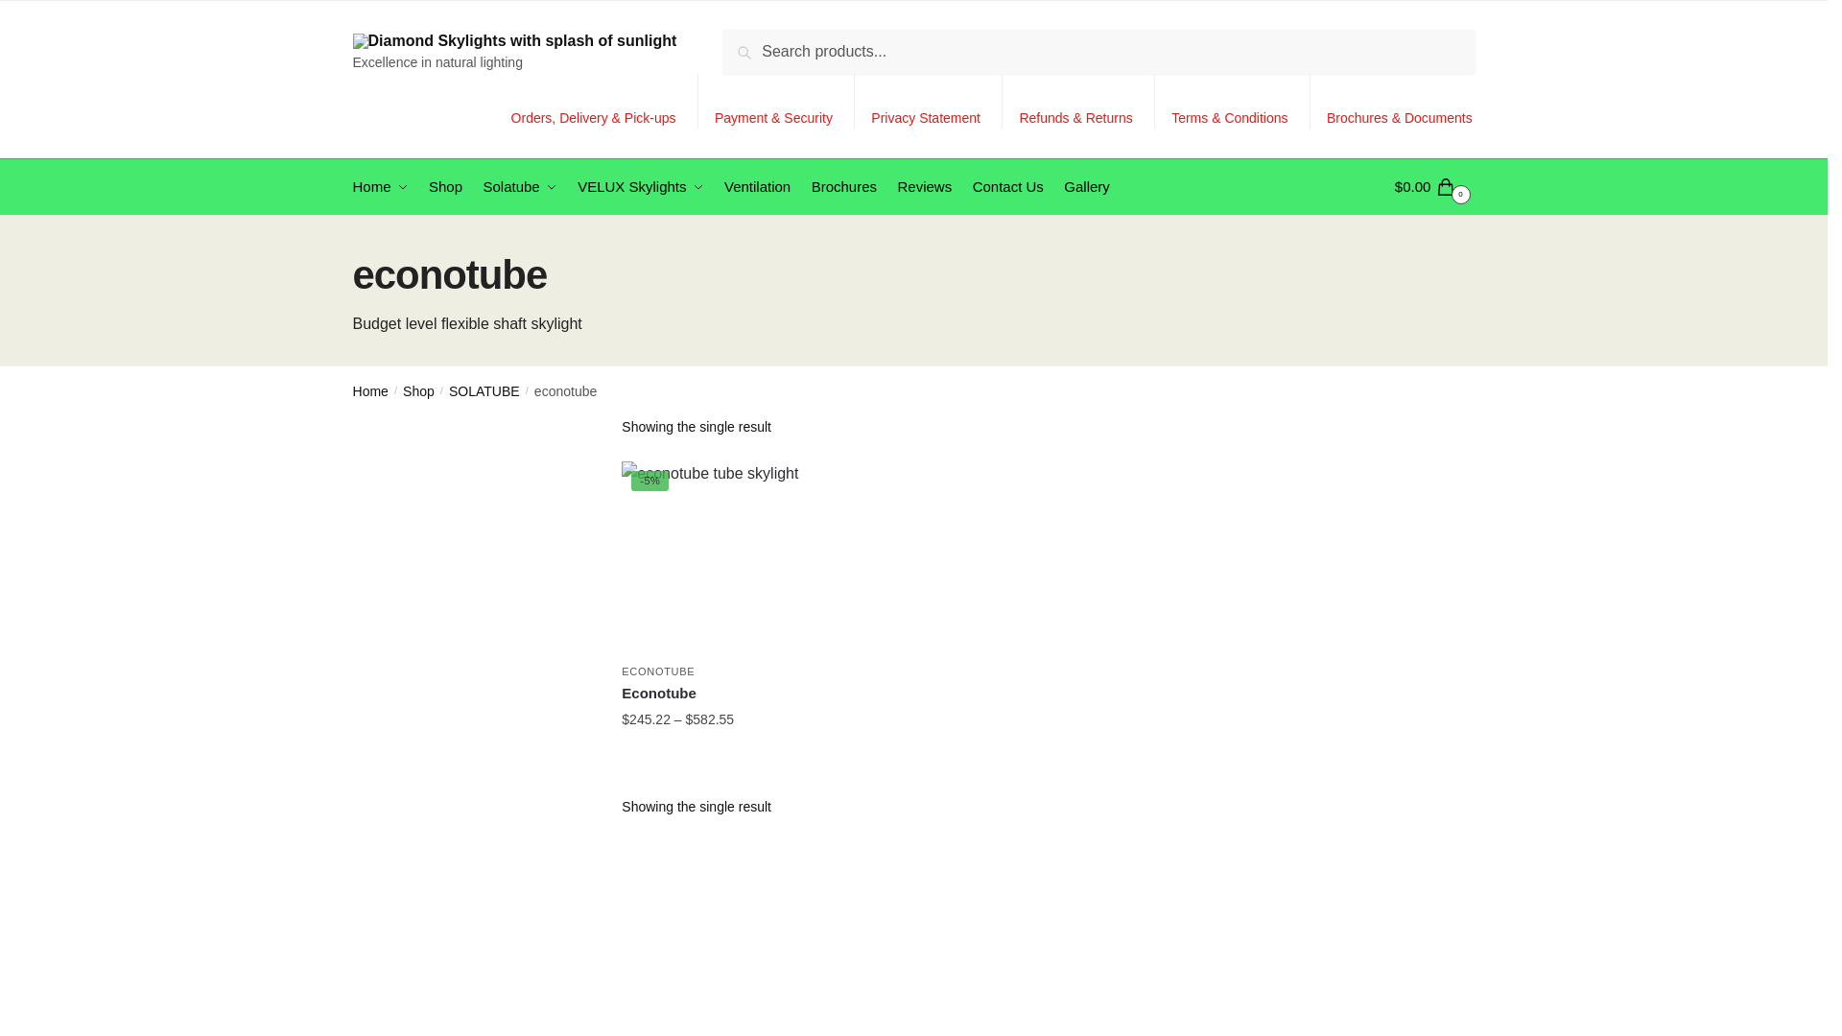 Image resolution: width=1842 pixels, height=1036 pixels. Describe the element at coordinates (1086, 187) in the screenshot. I see `'Gallery'` at that location.